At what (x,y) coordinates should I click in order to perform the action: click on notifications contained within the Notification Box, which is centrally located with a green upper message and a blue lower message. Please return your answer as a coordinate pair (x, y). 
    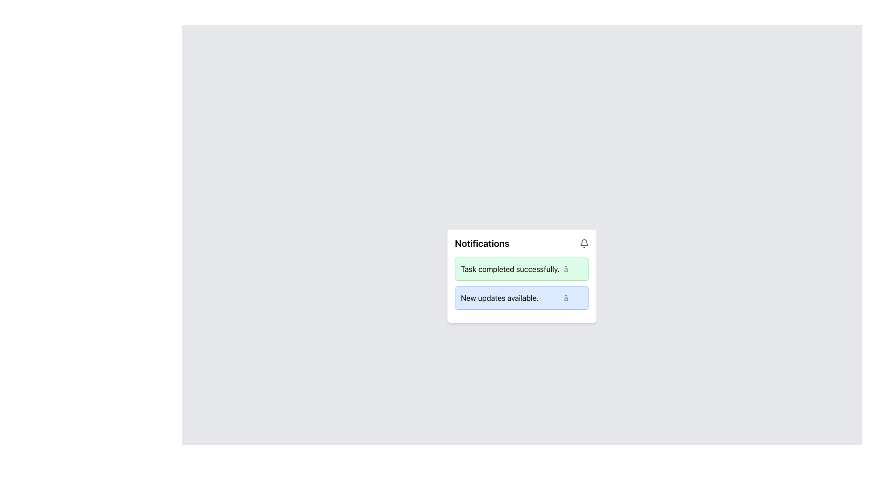
    Looking at the image, I should click on (522, 276).